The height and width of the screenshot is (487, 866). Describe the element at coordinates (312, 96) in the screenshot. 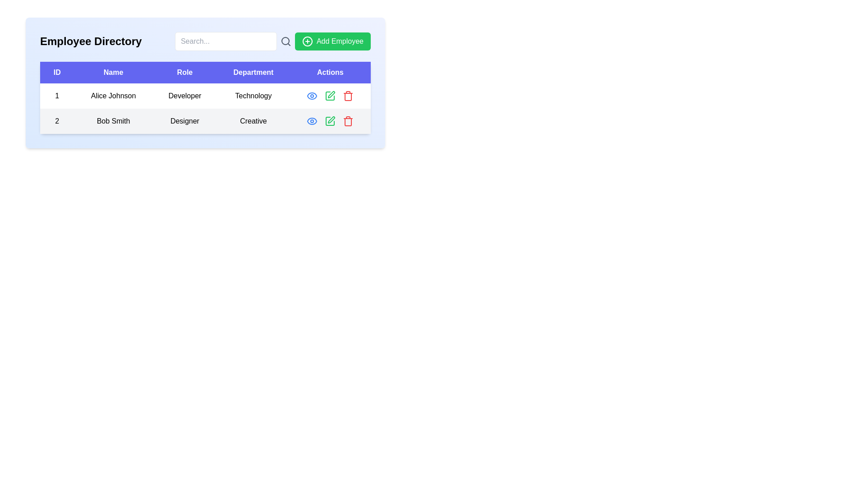

I see `the eye-shaped icon button in the Actions column of the employee table for Bob Smith` at that location.